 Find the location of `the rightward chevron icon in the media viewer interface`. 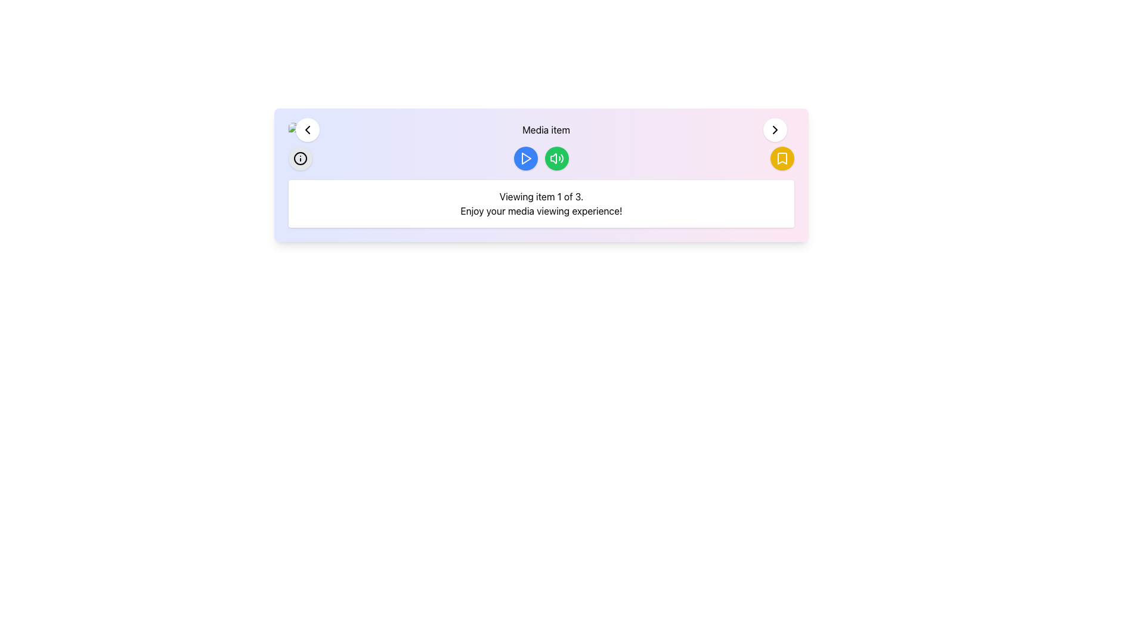

the rightward chevron icon in the media viewer interface is located at coordinates (775, 130).